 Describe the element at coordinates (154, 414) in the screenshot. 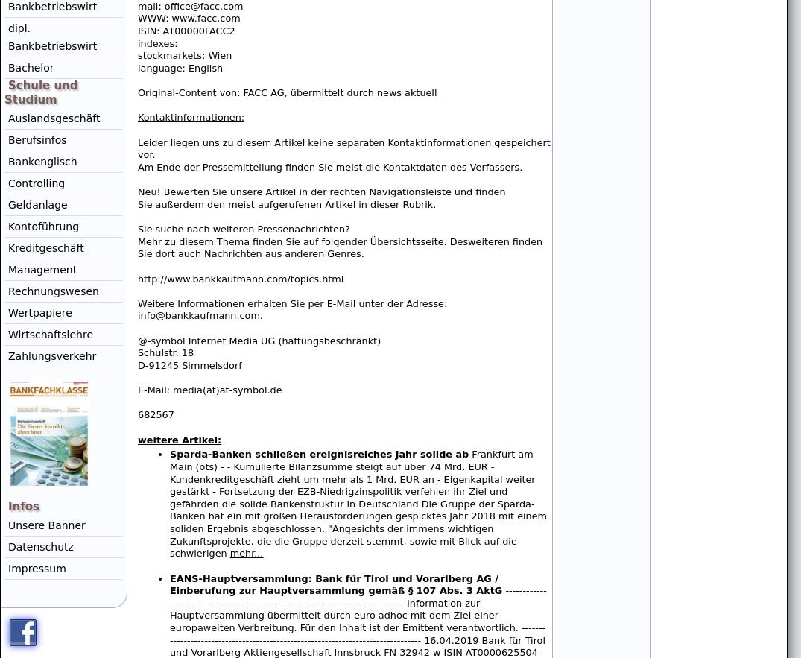

I see `'682567'` at that location.